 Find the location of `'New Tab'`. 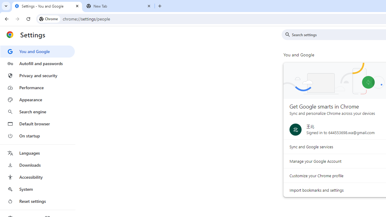

'New Tab' is located at coordinates (119, 6).